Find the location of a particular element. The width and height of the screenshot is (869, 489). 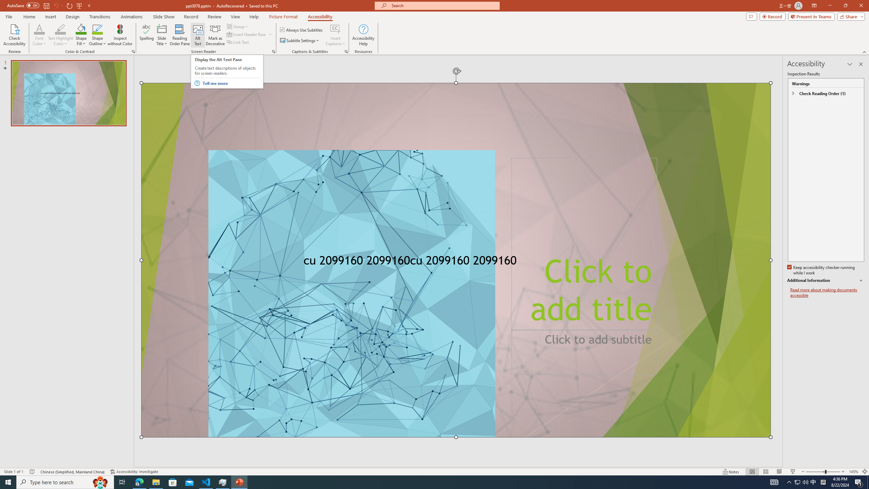

'Zoom 145%' is located at coordinates (854, 472).